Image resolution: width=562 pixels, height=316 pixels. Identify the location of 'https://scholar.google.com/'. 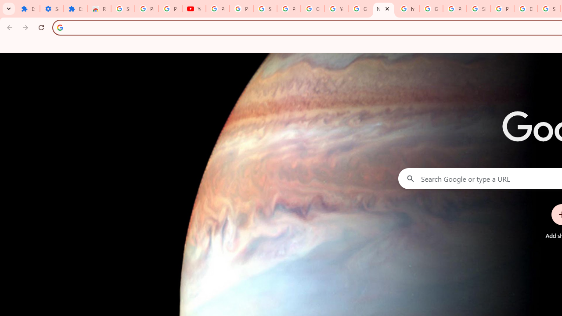
(407, 9).